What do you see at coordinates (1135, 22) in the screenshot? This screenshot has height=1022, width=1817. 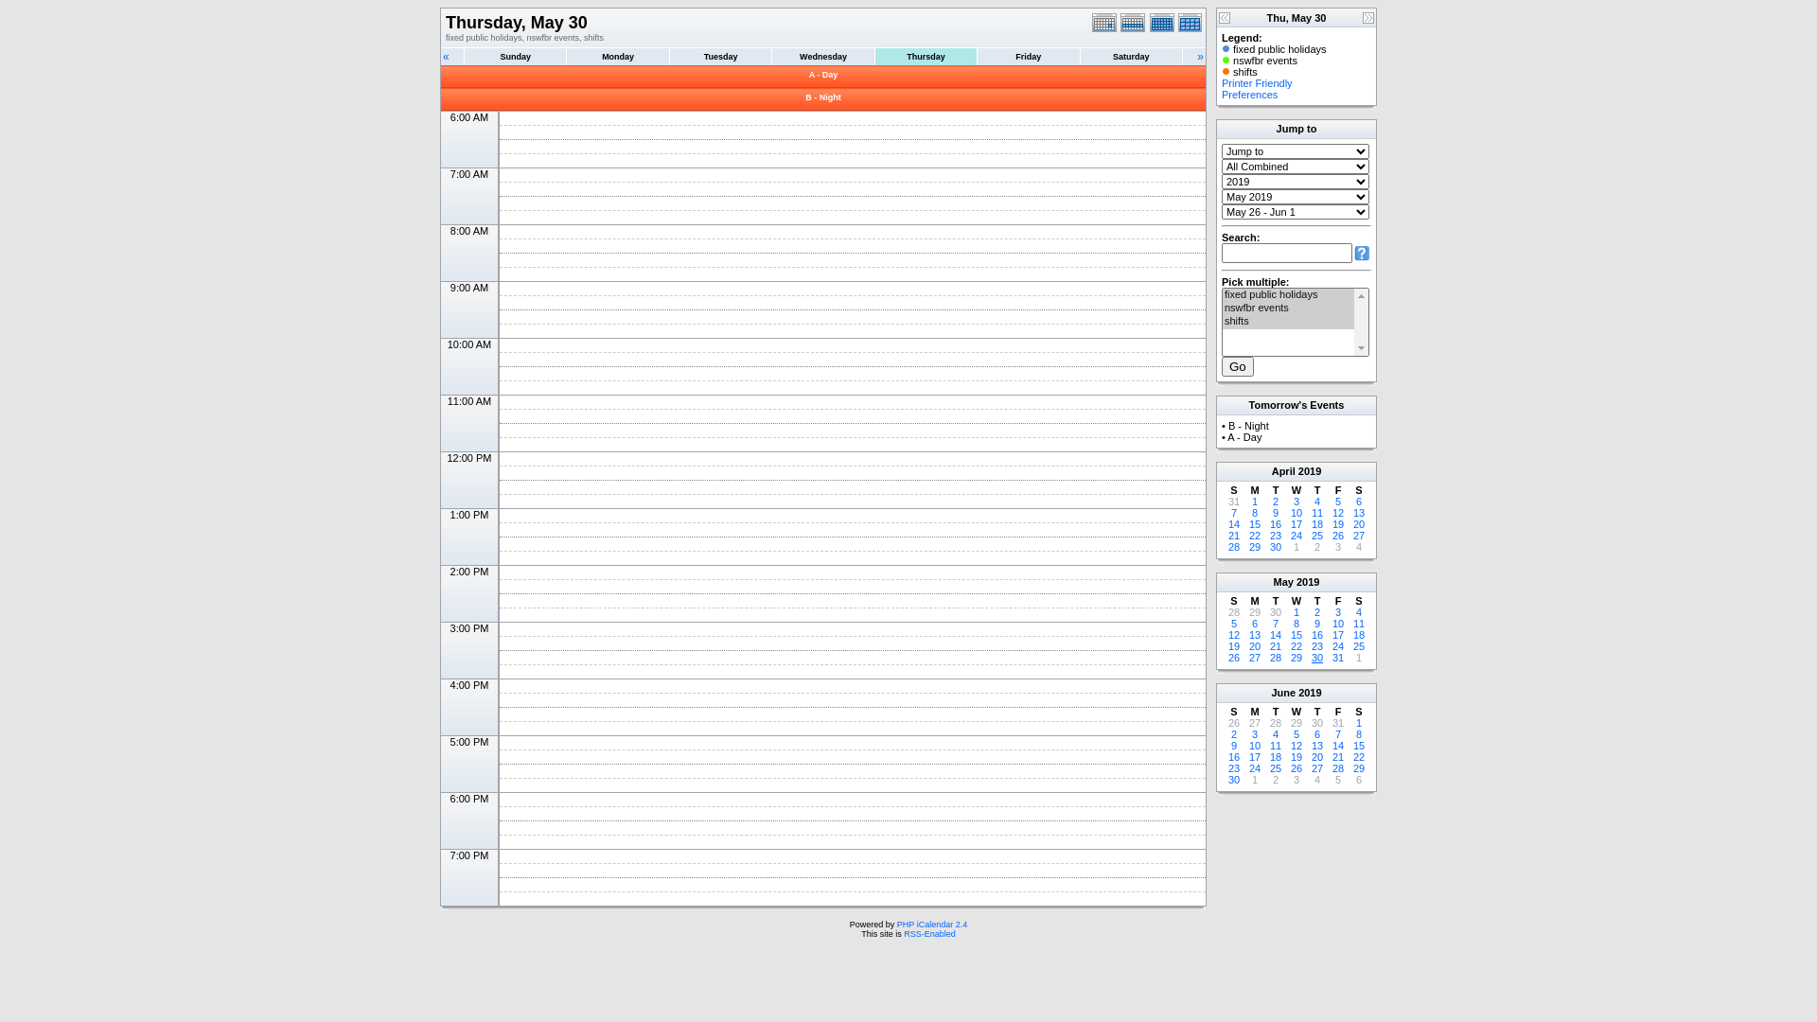 I see `'Week'` at bounding box center [1135, 22].